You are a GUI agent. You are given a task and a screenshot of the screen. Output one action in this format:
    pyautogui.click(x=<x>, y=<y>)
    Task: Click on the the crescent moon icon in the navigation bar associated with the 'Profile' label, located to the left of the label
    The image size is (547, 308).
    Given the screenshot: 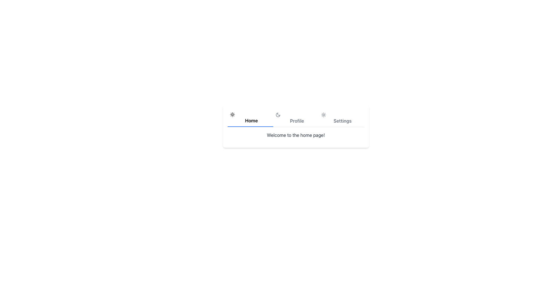 What is the action you would take?
    pyautogui.click(x=278, y=115)
    